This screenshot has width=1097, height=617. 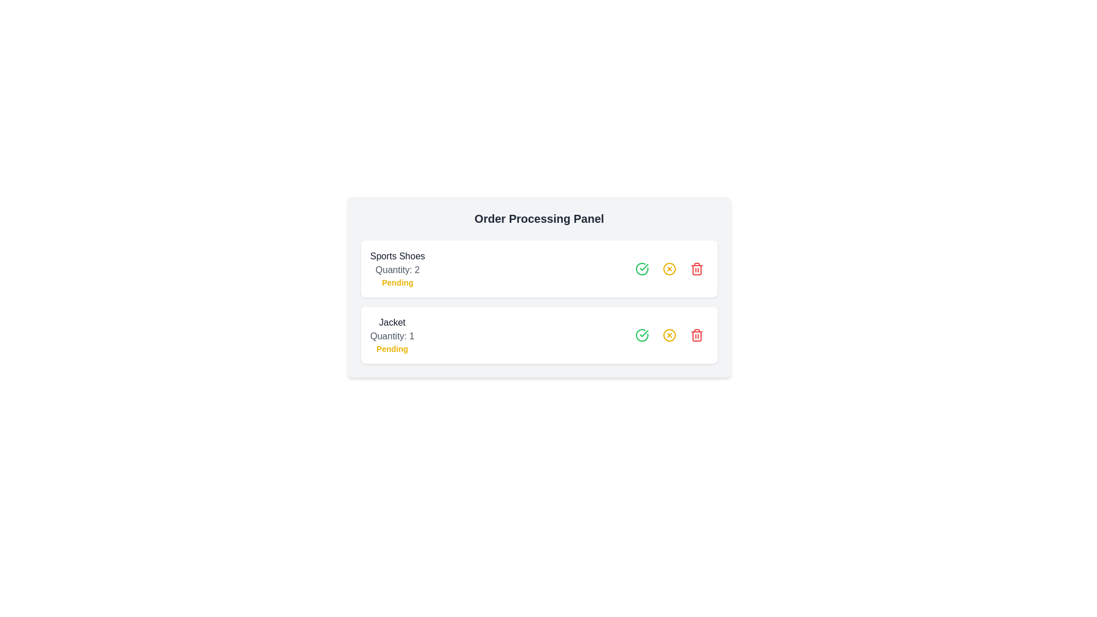 I want to click on the Text Label identifying the product name in the Order Processing Panel, located at the top-left section of the panel, above 'Quantity: 2' and 'Pending', so click(x=398, y=255).